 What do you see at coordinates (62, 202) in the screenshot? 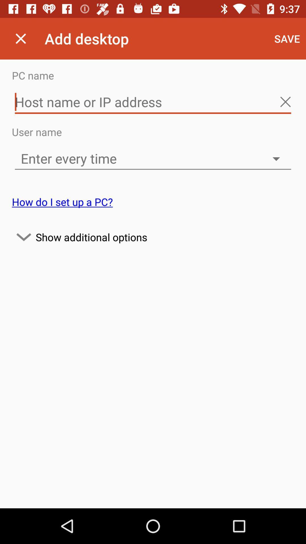
I see `item below the enter every time` at bounding box center [62, 202].